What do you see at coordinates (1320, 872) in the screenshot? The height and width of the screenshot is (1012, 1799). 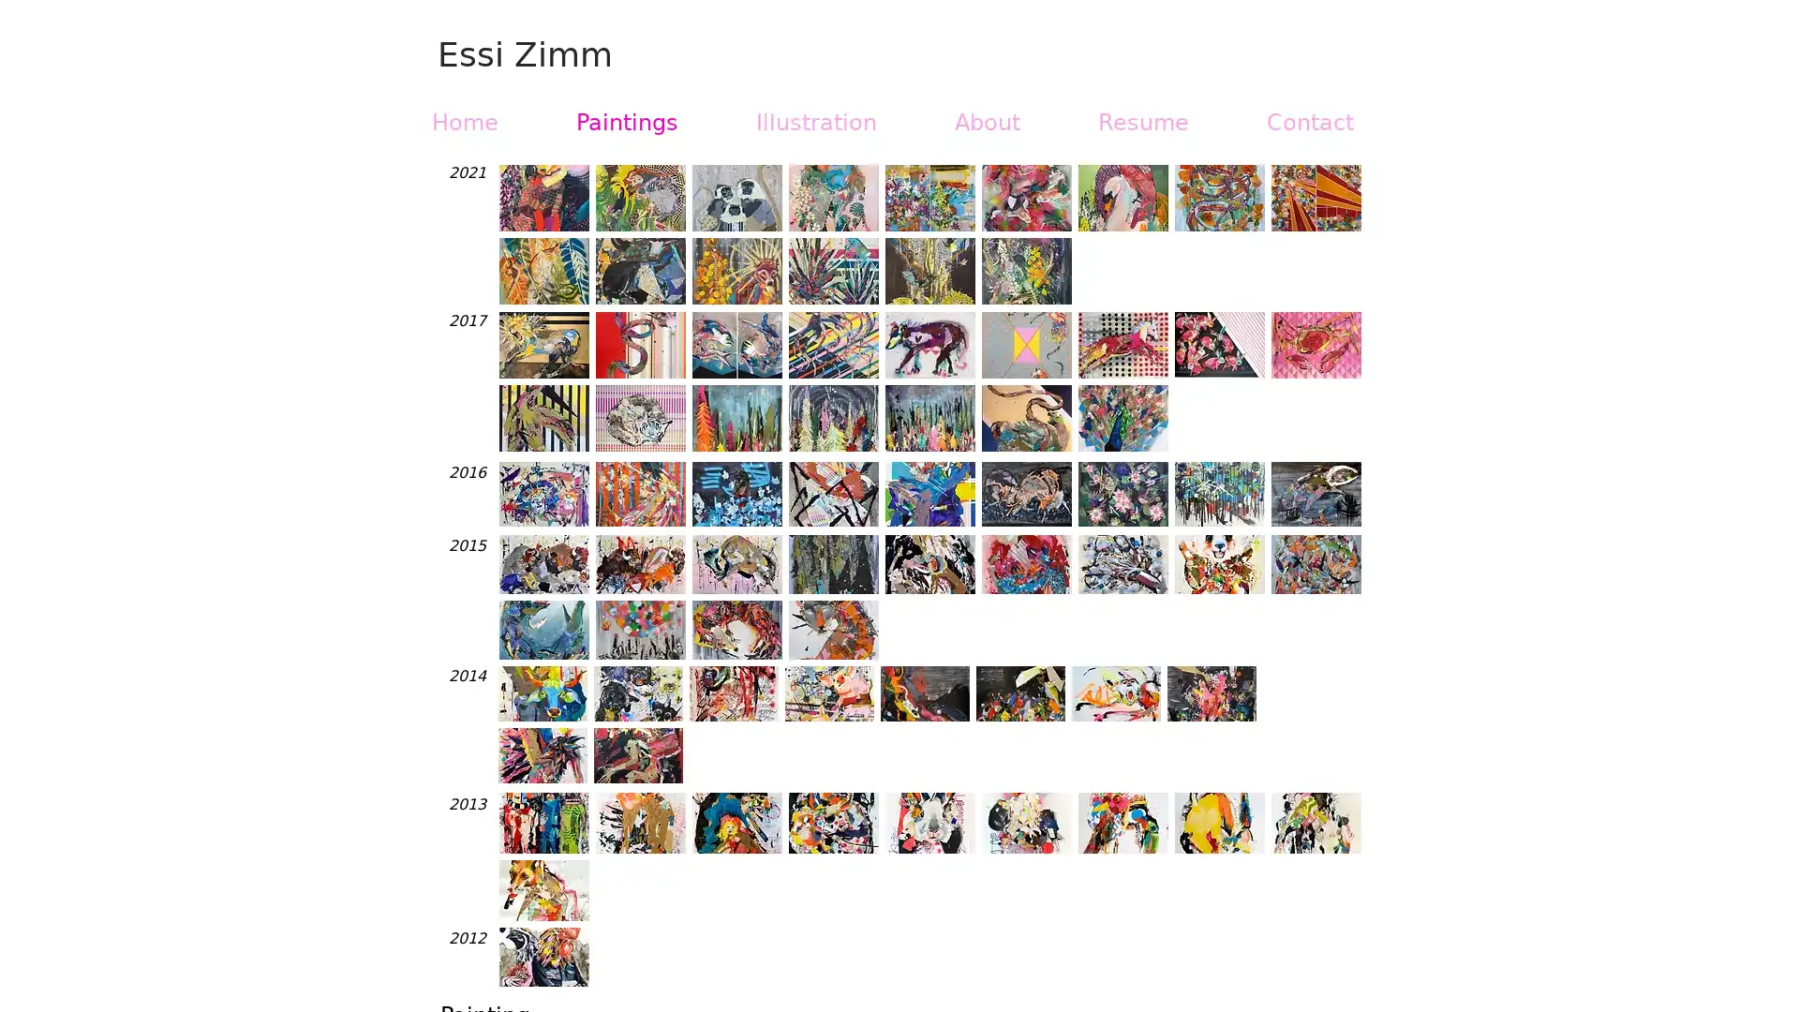 I see `next` at bounding box center [1320, 872].